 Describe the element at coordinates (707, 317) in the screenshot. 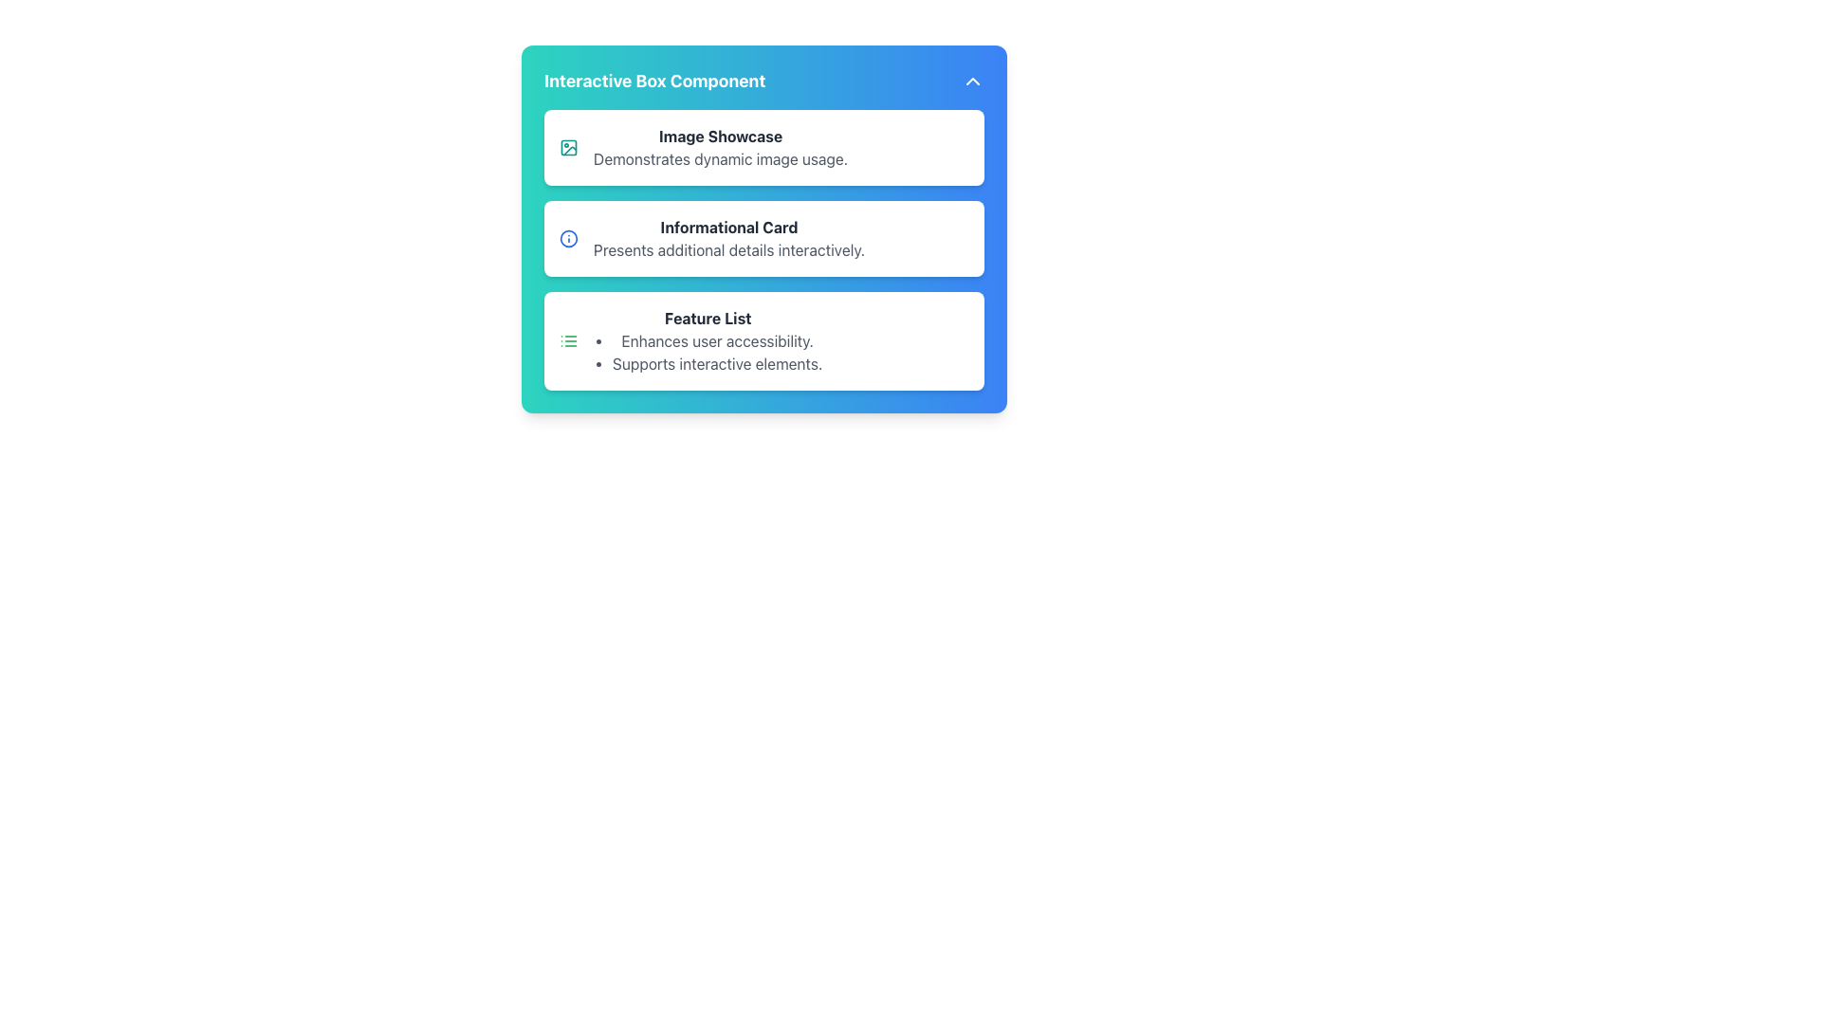

I see `the bold, dark gray text label 'Feature List' that is centrally aligned within the third box of the vertical layout` at that location.